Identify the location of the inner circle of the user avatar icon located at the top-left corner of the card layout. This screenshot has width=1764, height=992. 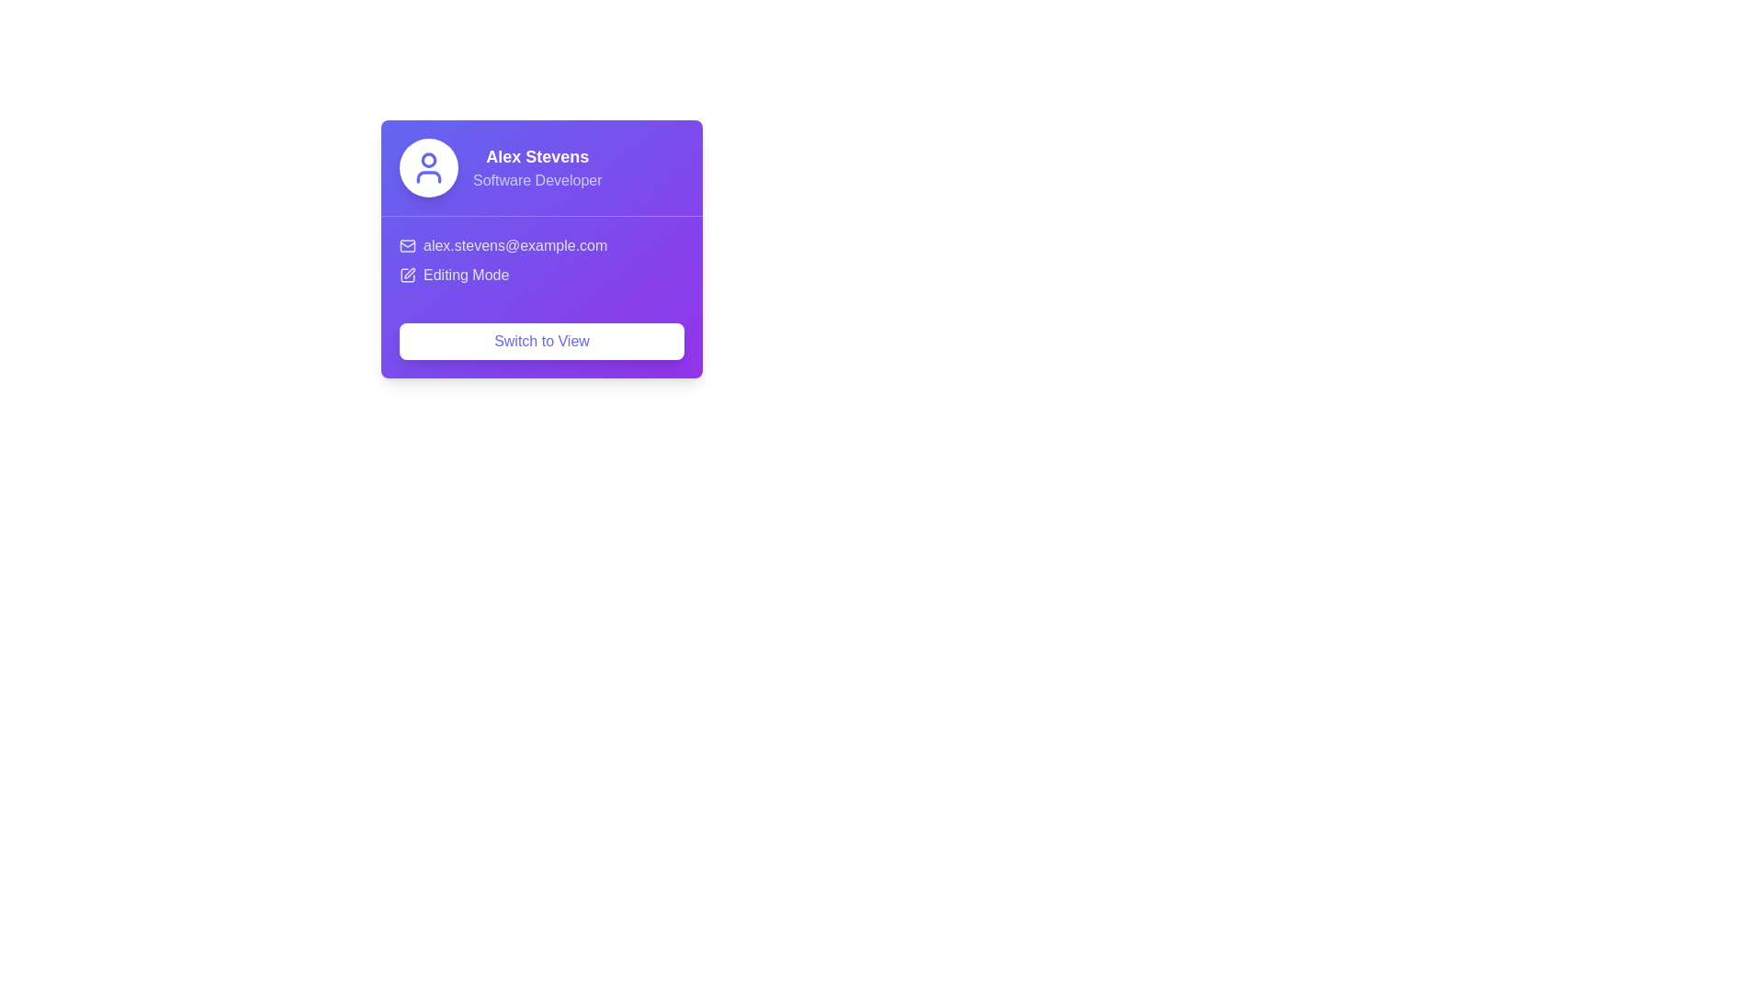
(427, 158).